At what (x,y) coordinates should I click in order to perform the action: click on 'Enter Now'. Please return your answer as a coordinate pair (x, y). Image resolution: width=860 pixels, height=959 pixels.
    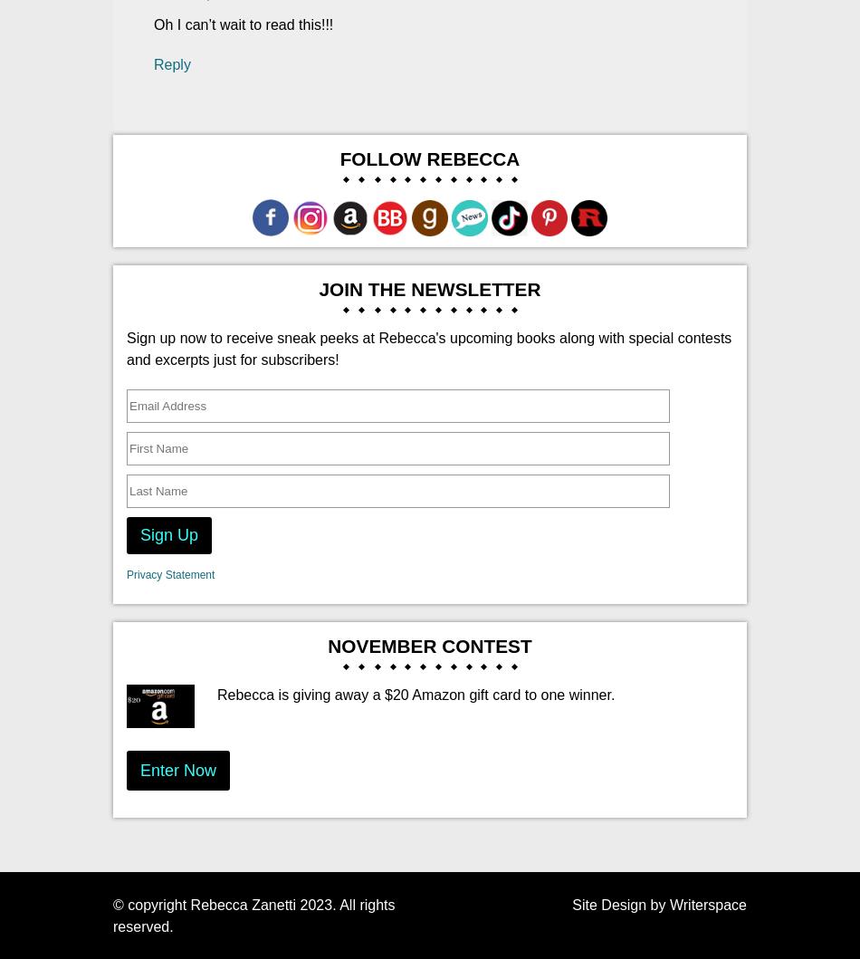
    Looking at the image, I should click on (178, 769).